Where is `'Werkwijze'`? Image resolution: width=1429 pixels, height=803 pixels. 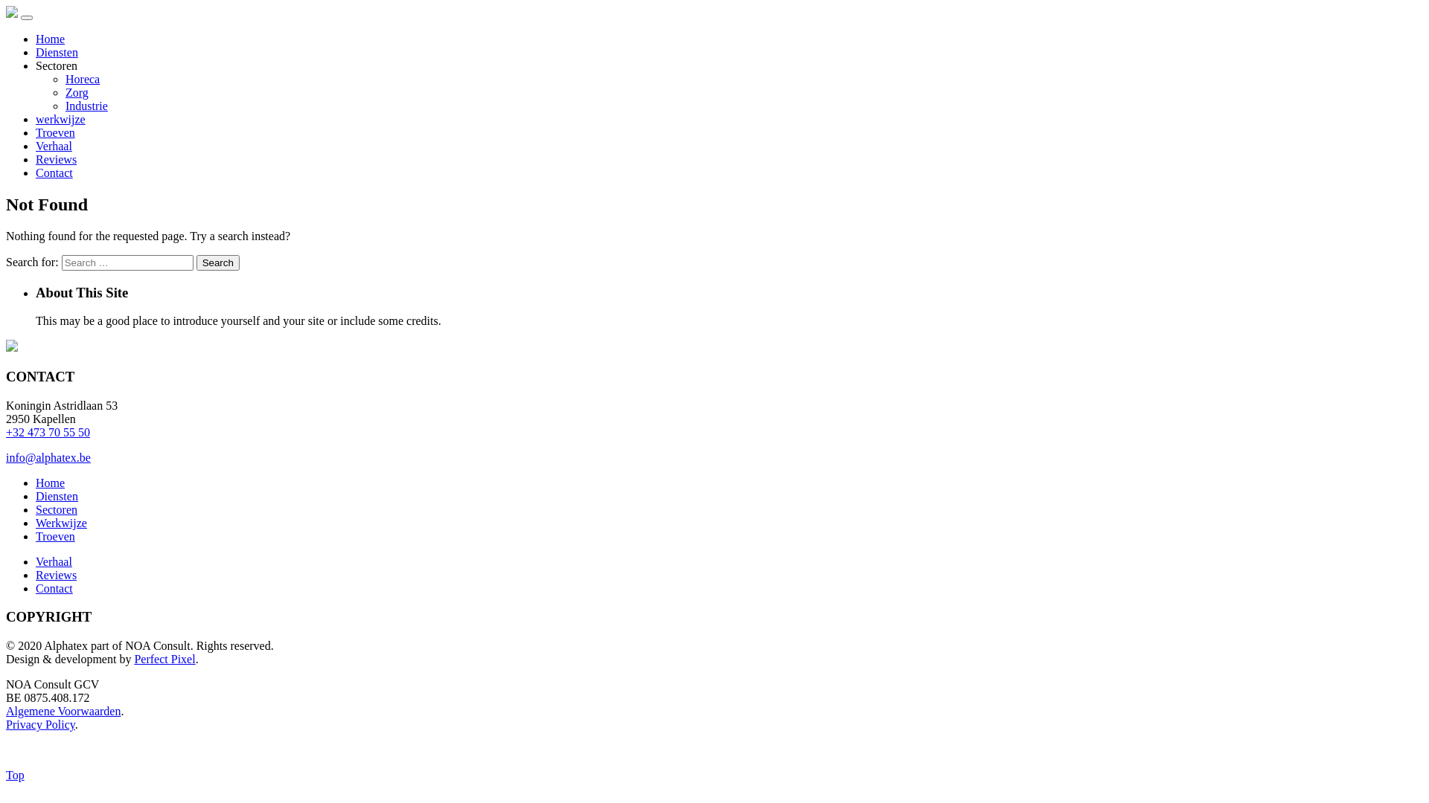
'Werkwijze' is located at coordinates (36, 522).